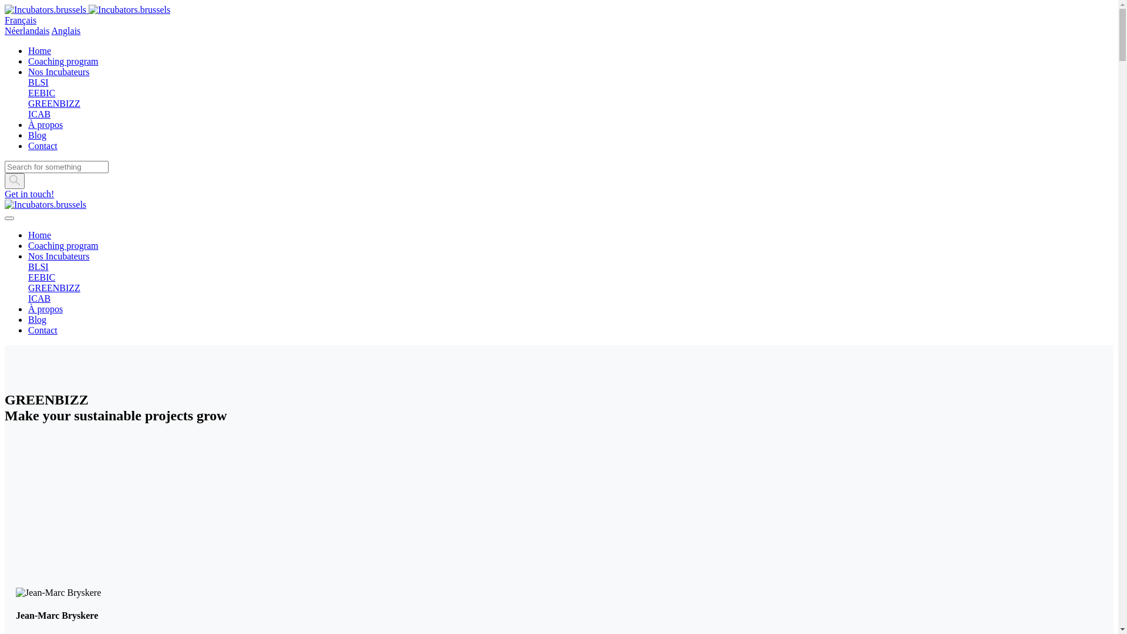  What do you see at coordinates (39, 114) in the screenshot?
I see `'ICAB'` at bounding box center [39, 114].